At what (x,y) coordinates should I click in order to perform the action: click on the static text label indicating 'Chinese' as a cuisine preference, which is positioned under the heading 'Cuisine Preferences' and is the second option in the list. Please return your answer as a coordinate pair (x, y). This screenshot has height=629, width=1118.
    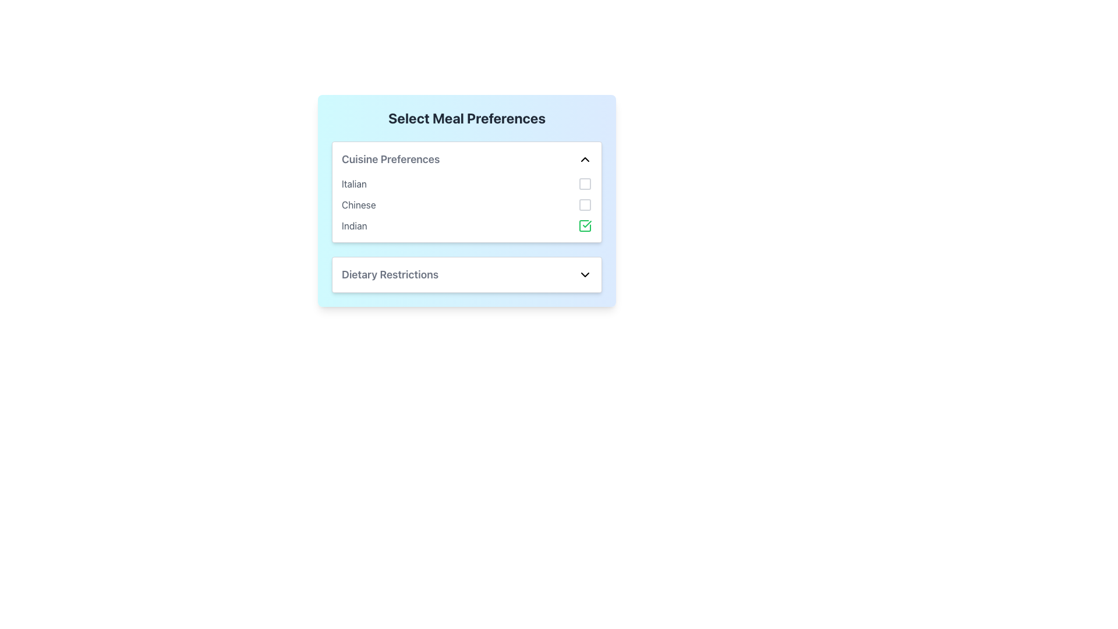
    Looking at the image, I should click on (358, 204).